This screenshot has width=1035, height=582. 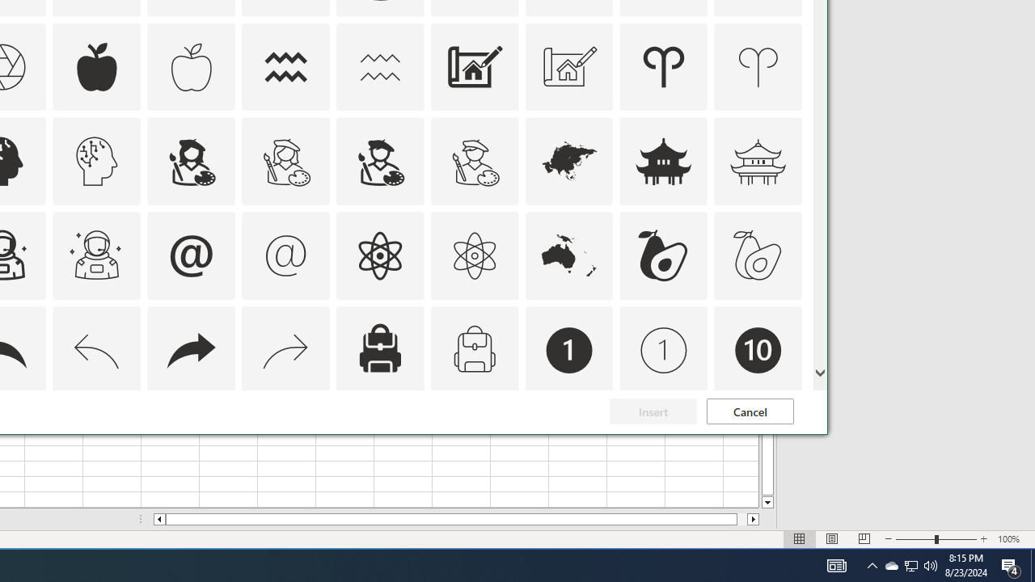 I want to click on 'AutomationID: Icons_Back_RTL_M', so click(x=285, y=350).